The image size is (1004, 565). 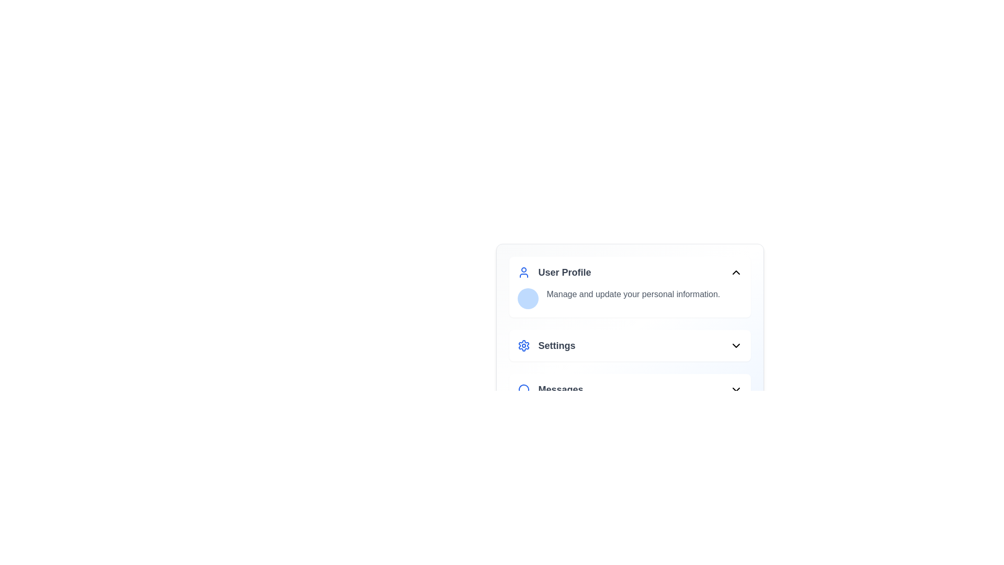 What do you see at coordinates (735, 272) in the screenshot?
I see `the toggle icon located at the rightmost part of the 'User Profile' section` at bounding box center [735, 272].